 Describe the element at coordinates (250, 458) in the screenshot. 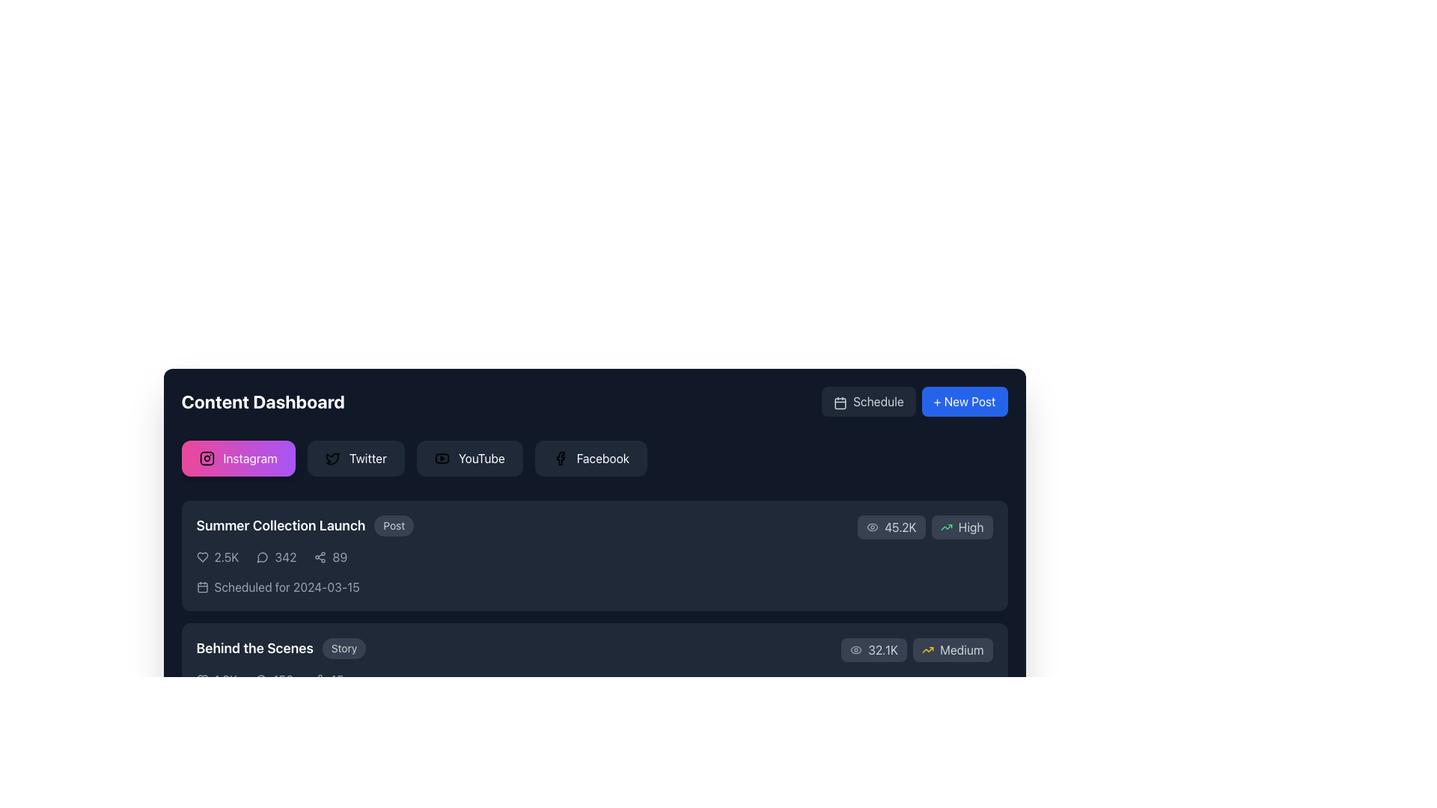

I see `the text label displaying 'Instagram', which is styled with white font and located centrally within a gradient button next to an Instagram logo icon` at that location.